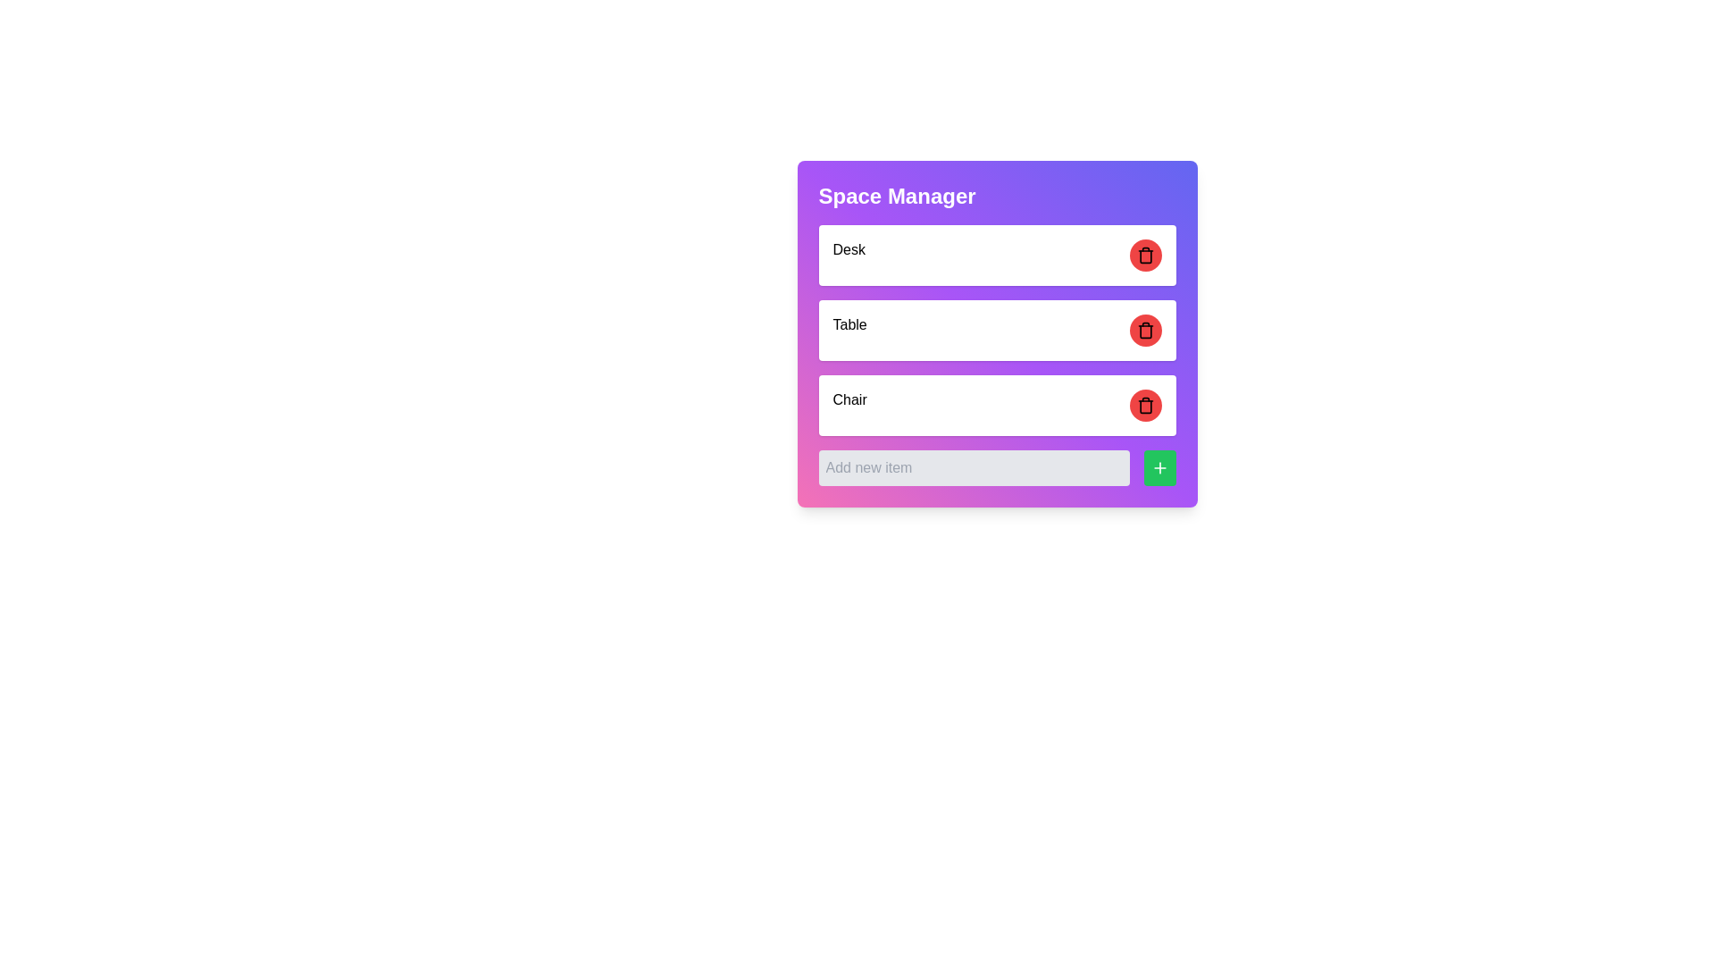 The width and height of the screenshot is (1715, 965). What do you see at coordinates (1159, 467) in the screenshot?
I see `the action icon located at the bottom-right corner of the purple card interface, which is part of a green button` at bounding box center [1159, 467].